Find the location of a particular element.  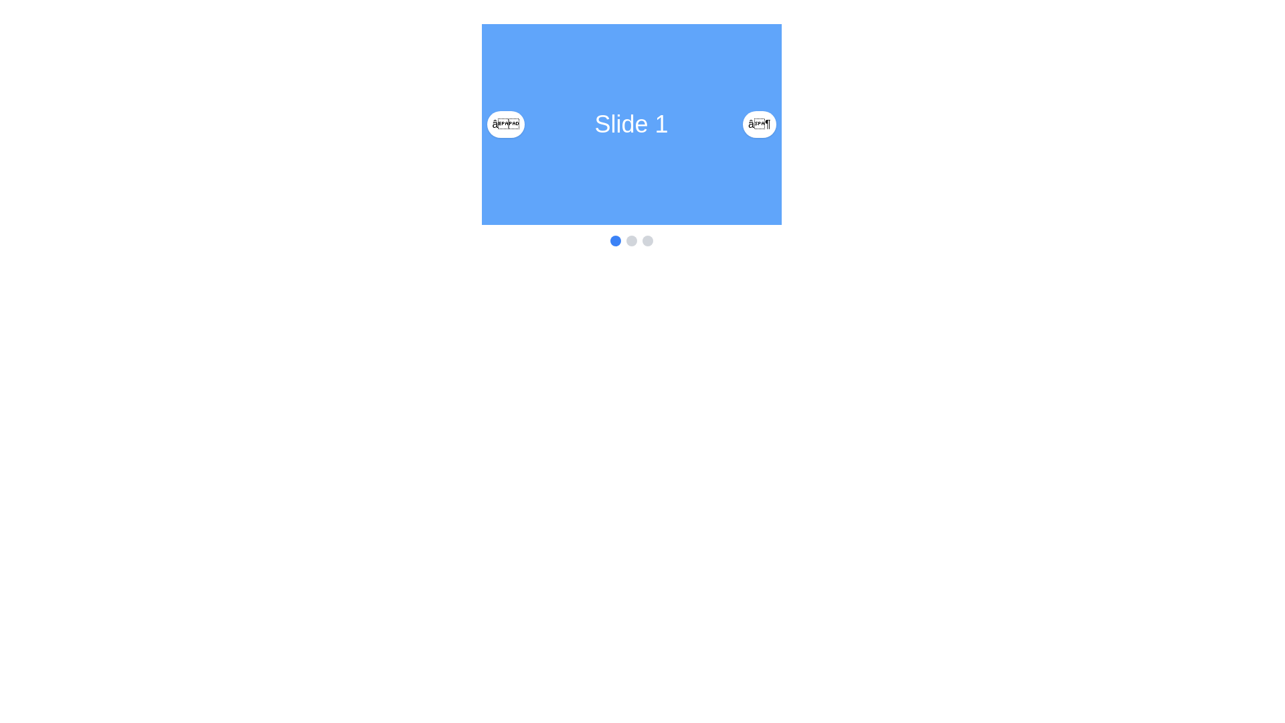

the circular button with a white background and left-pointing arrow symbol to change its background to gray is located at coordinates (505, 124).